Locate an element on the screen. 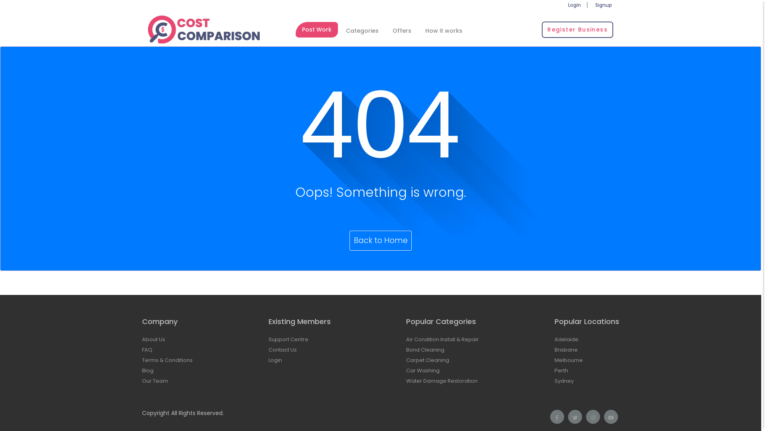  'Carpet Cleaning' is located at coordinates (427, 360).